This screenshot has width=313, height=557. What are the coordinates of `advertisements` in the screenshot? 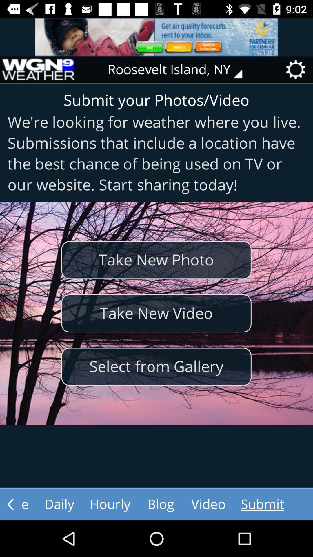 It's located at (156, 37).